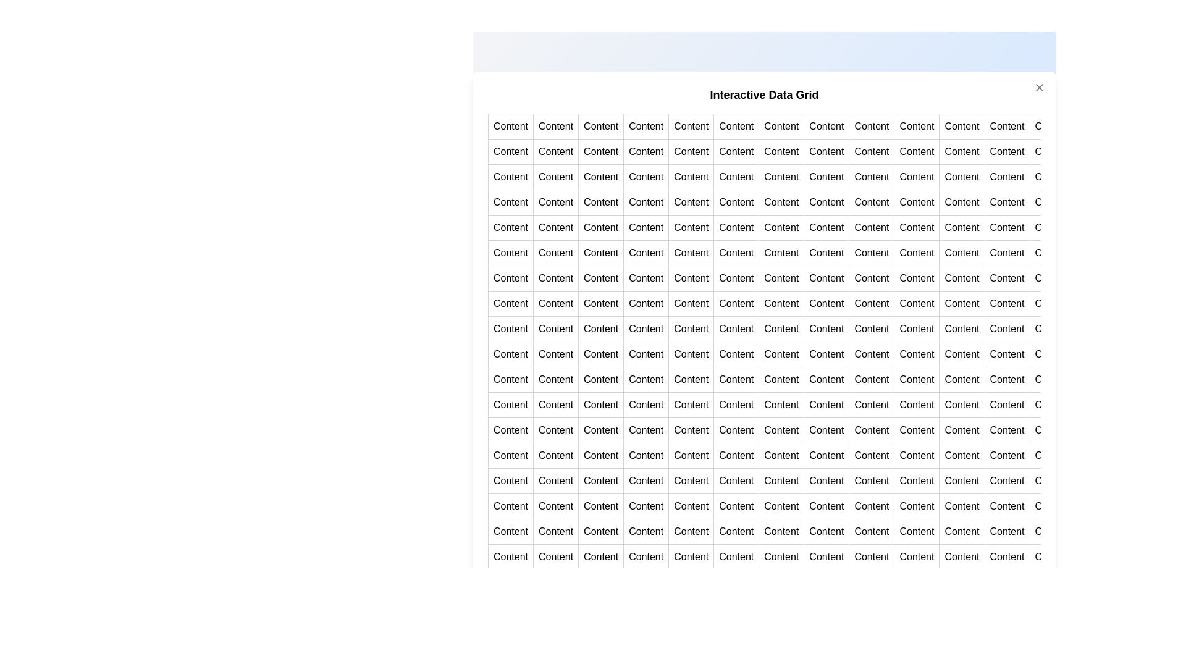  I want to click on the close button to close the dialog, so click(1039, 86).